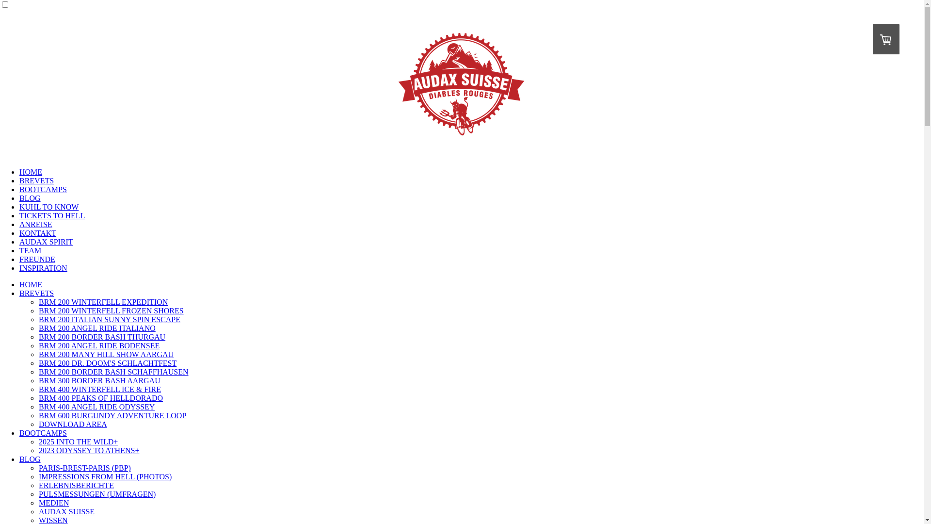  Describe the element at coordinates (43, 432) in the screenshot. I see `'BOOTCAMPS'` at that location.